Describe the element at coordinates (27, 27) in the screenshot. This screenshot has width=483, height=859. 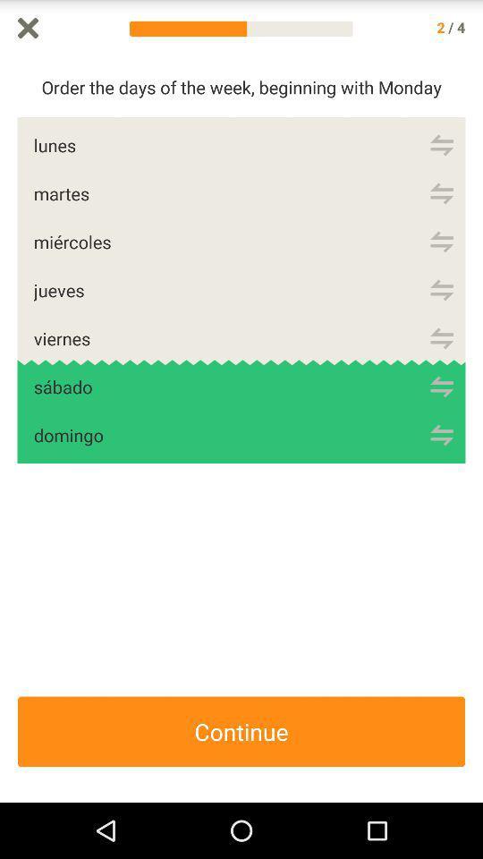
I see `icon at the top left corner` at that location.